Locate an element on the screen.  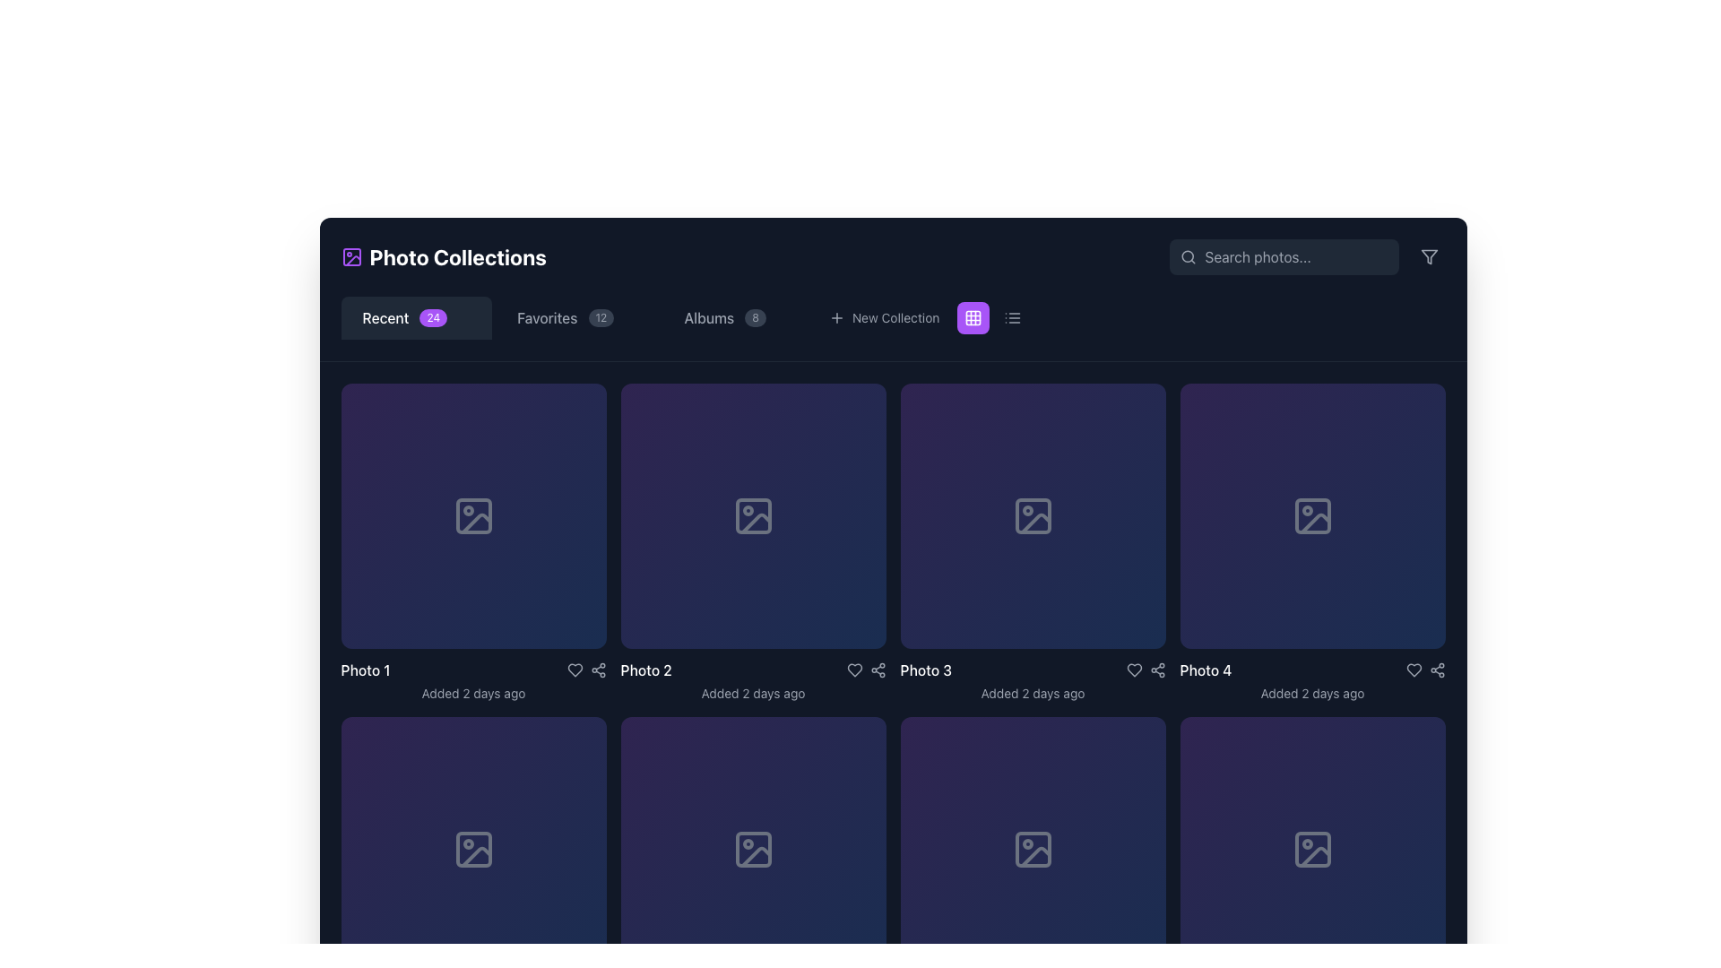
the favorite button located at the bottom-right corner of the 'Photo 4' card is located at coordinates (1133, 670).